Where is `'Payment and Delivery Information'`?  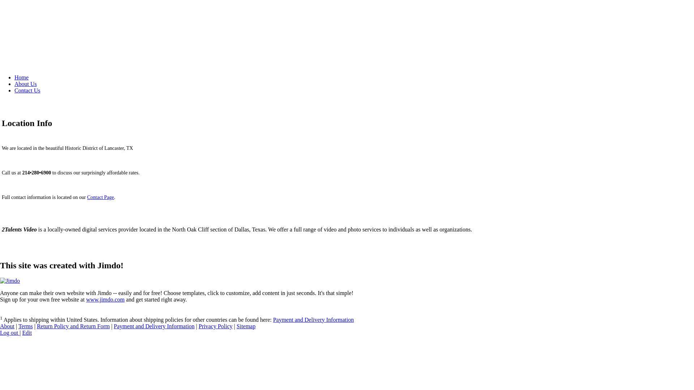
'Payment and Delivery Information' is located at coordinates (154, 326).